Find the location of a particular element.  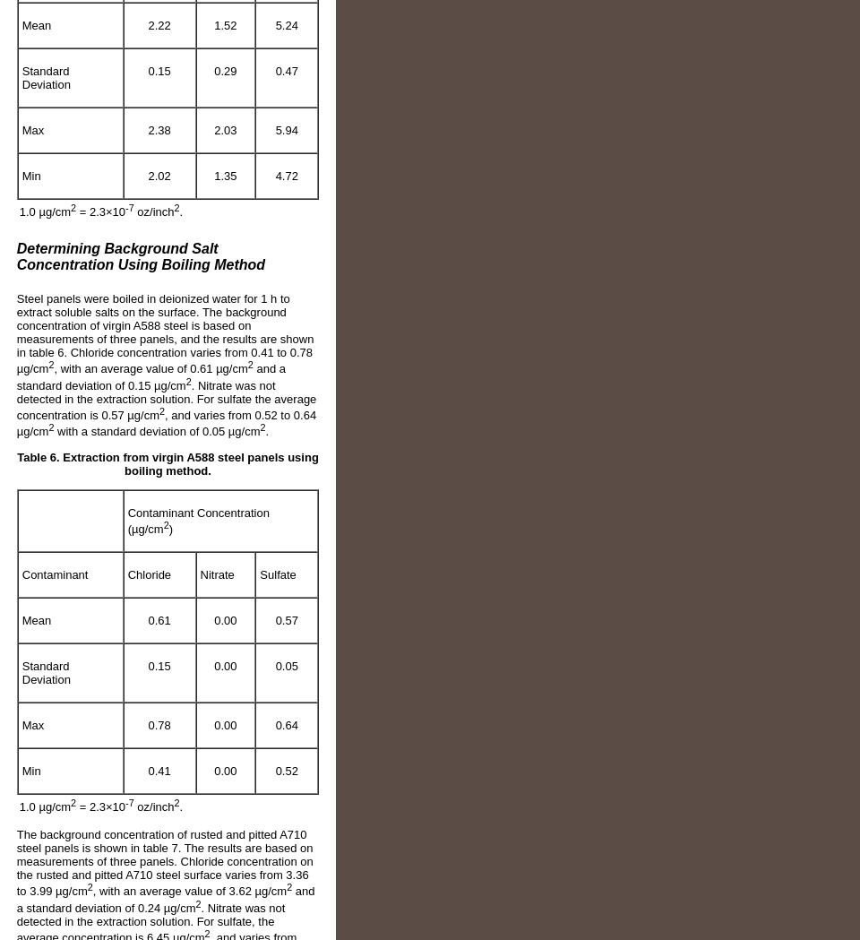

'2.02' is located at coordinates (158, 175).